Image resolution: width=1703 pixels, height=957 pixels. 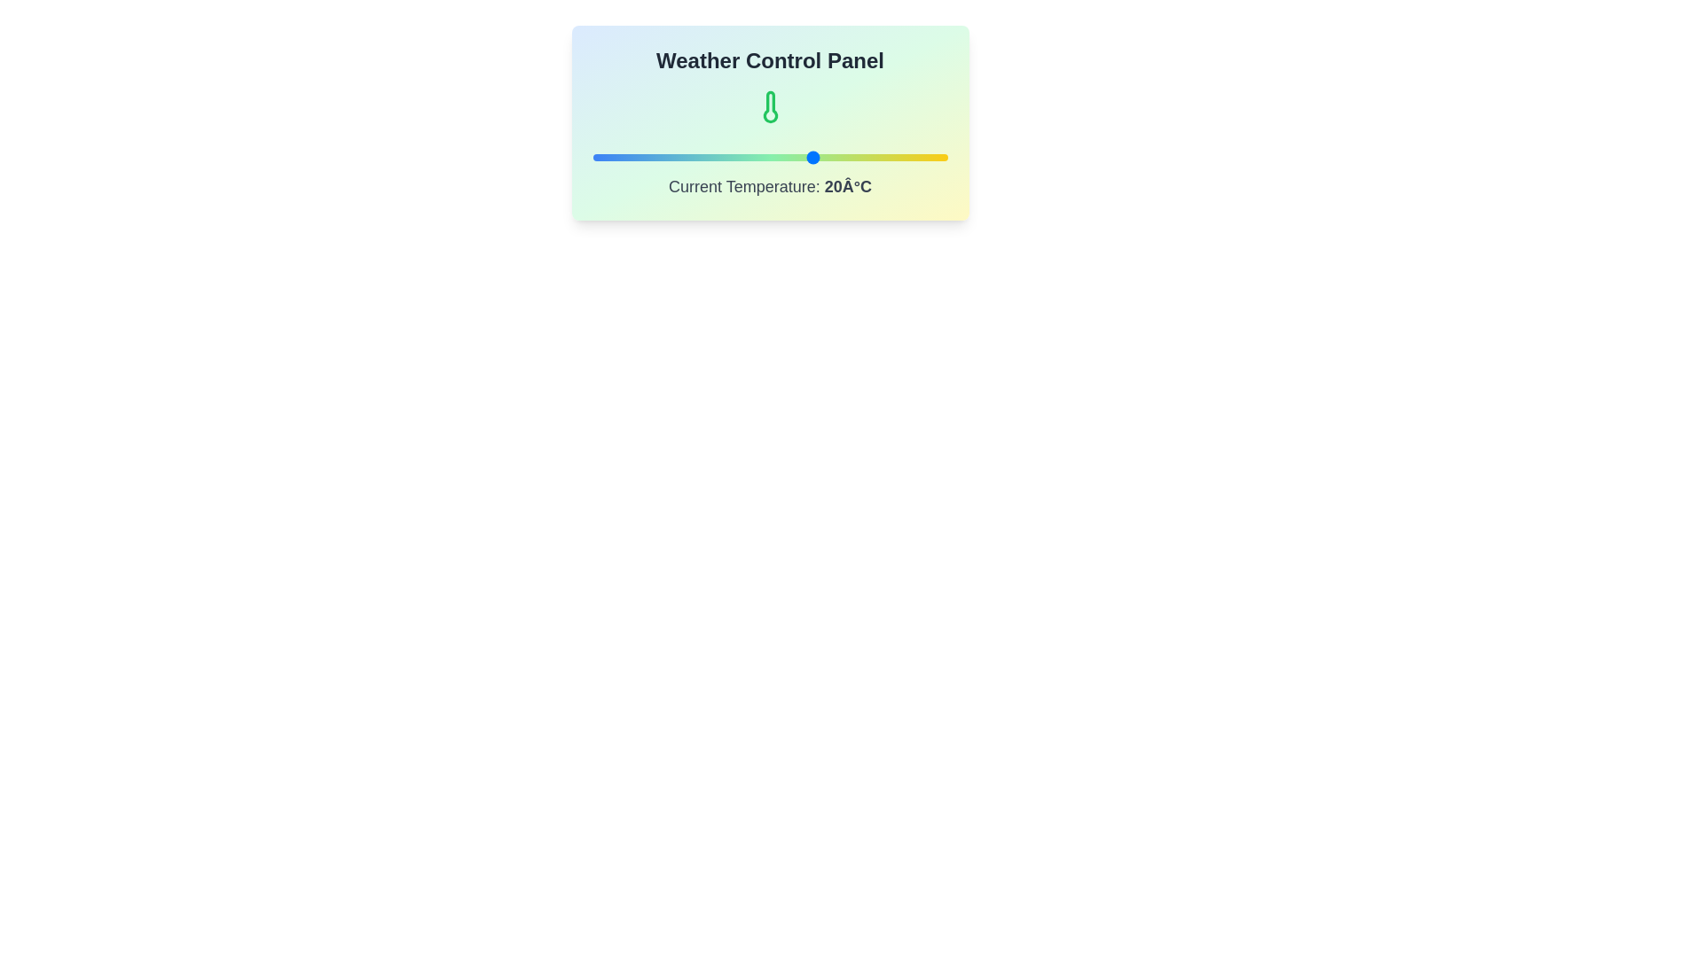 What do you see at coordinates (813, 156) in the screenshot?
I see `the temperature to 20°C using the slider` at bounding box center [813, 156].